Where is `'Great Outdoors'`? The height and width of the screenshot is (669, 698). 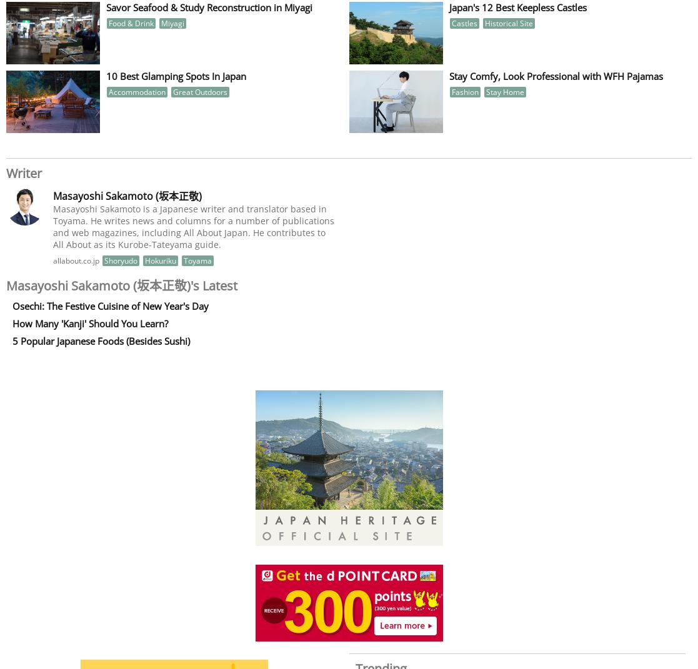 'Great Outdoors' is located at coordinates (172, 91).